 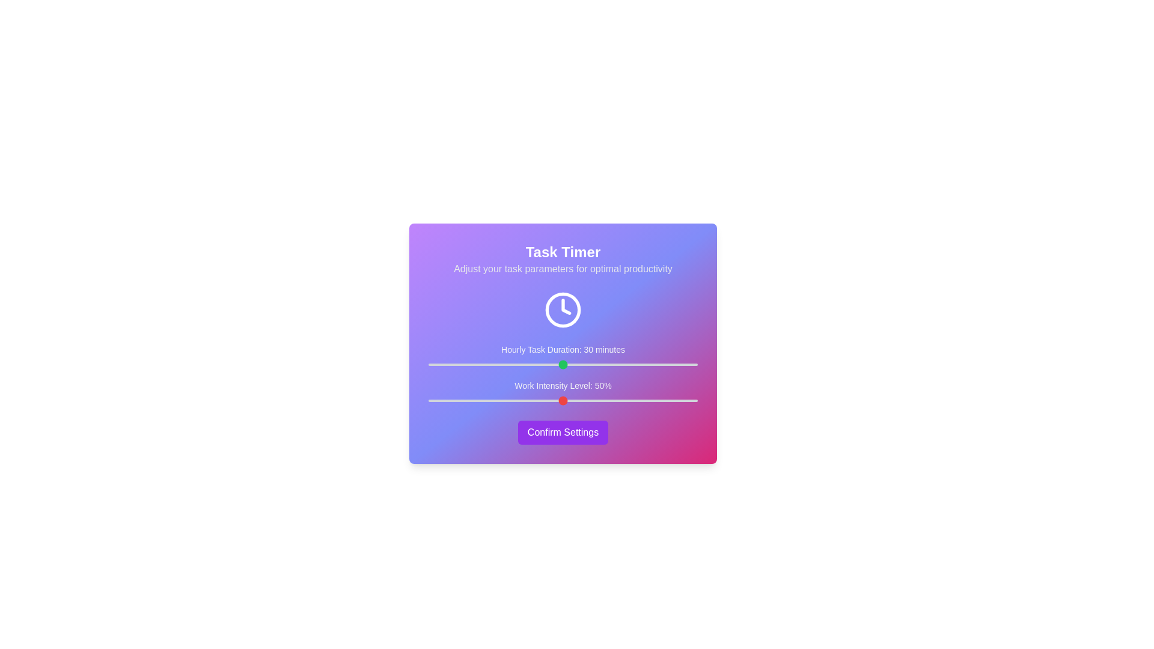 I want to click on the 'Hourly Task Duration' slider to 20 minutes, so click(x=518, y=364).